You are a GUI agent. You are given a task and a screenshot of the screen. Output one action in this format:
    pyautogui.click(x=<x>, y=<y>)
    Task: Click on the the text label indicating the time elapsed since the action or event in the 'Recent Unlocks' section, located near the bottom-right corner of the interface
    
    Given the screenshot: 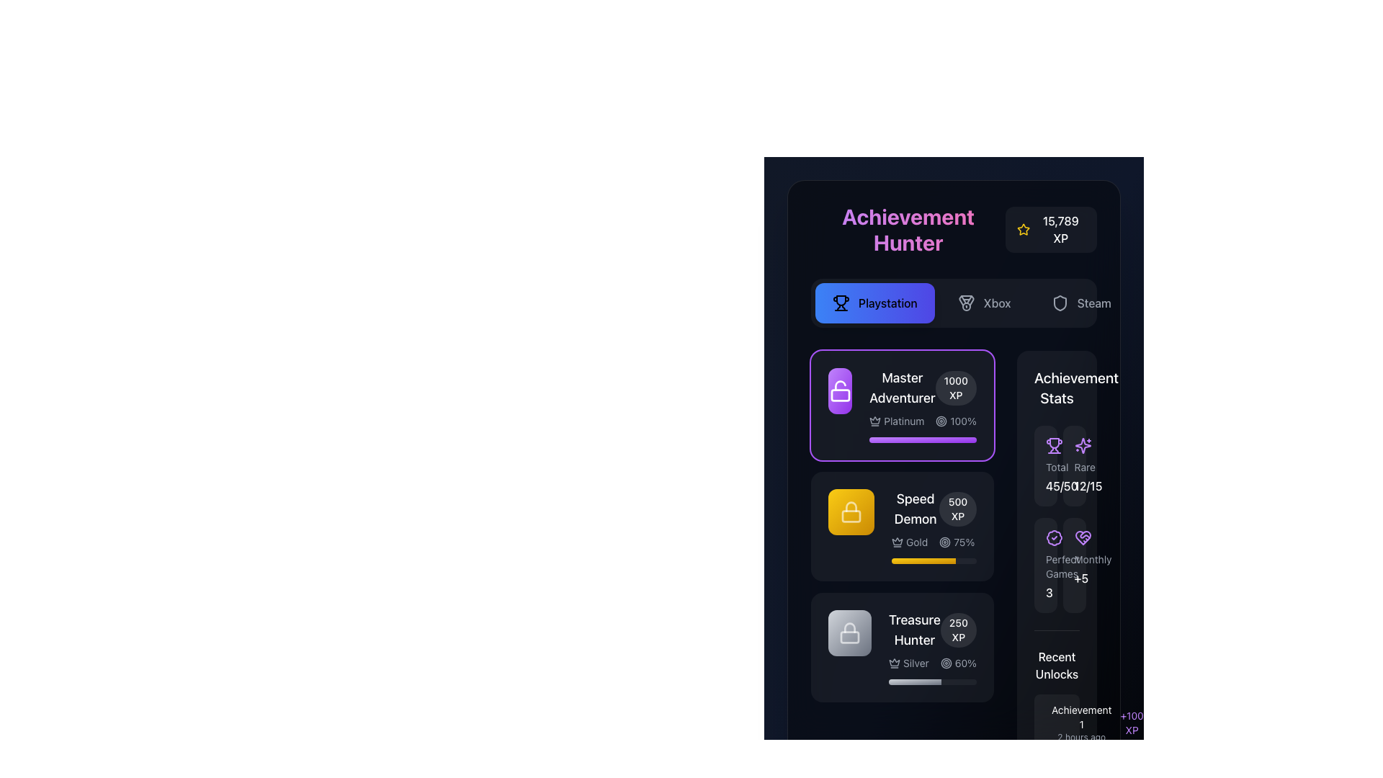 What is the action you would take?
    pyautogui.click(x=1081, y=737)
    